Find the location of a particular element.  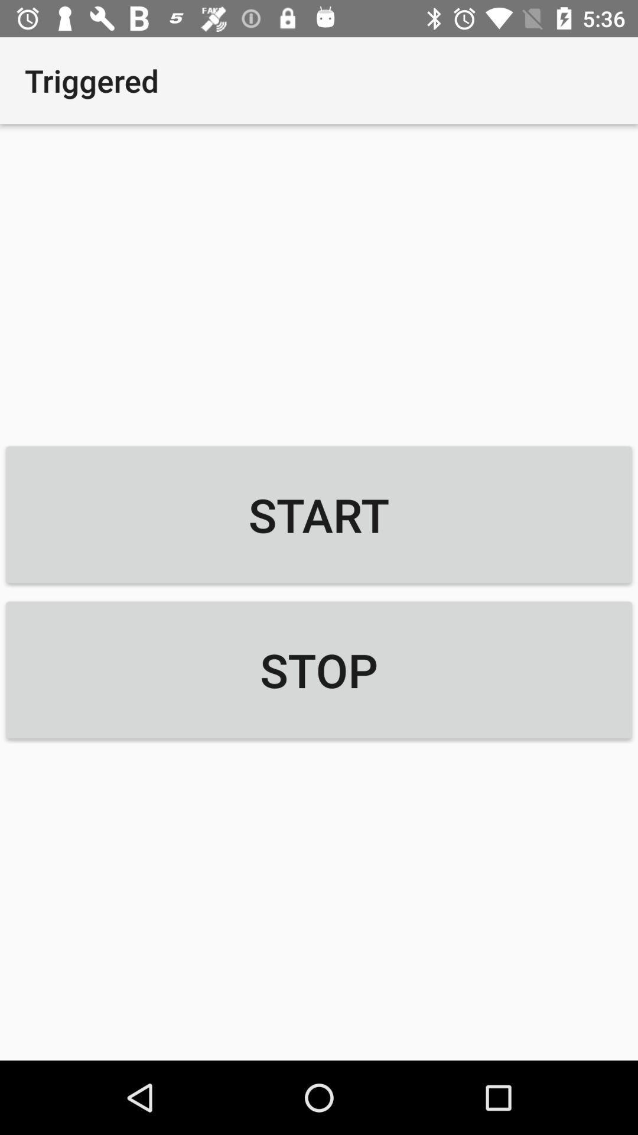

the stop is located at coordinates (319, 670).